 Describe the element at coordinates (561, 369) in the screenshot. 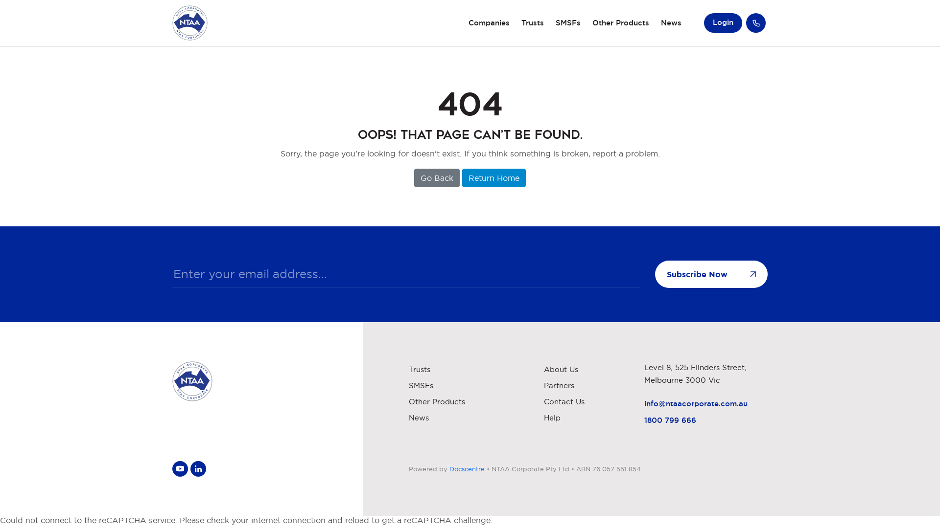

I see `'About Us'` at that location.